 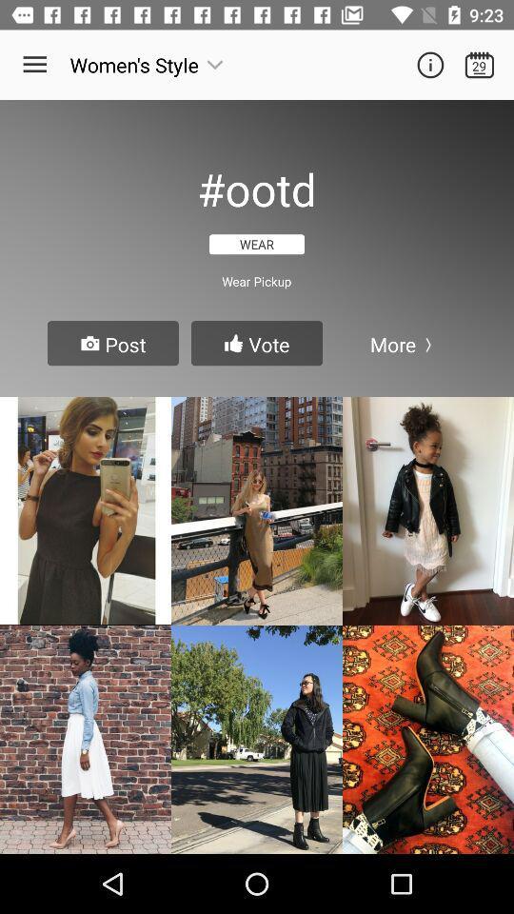 I want to click on information tab, so click(x=430, y=65).